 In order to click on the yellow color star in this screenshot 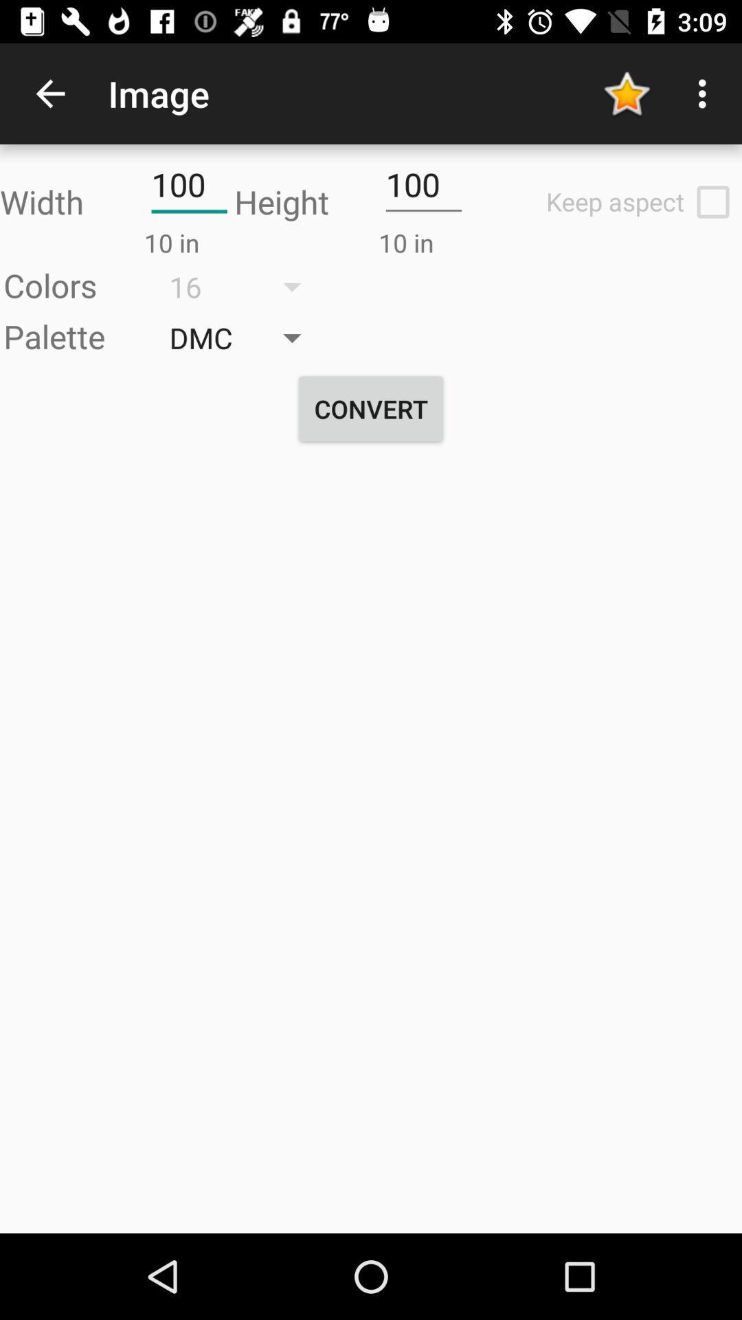, I will do `click(626, 93)`.